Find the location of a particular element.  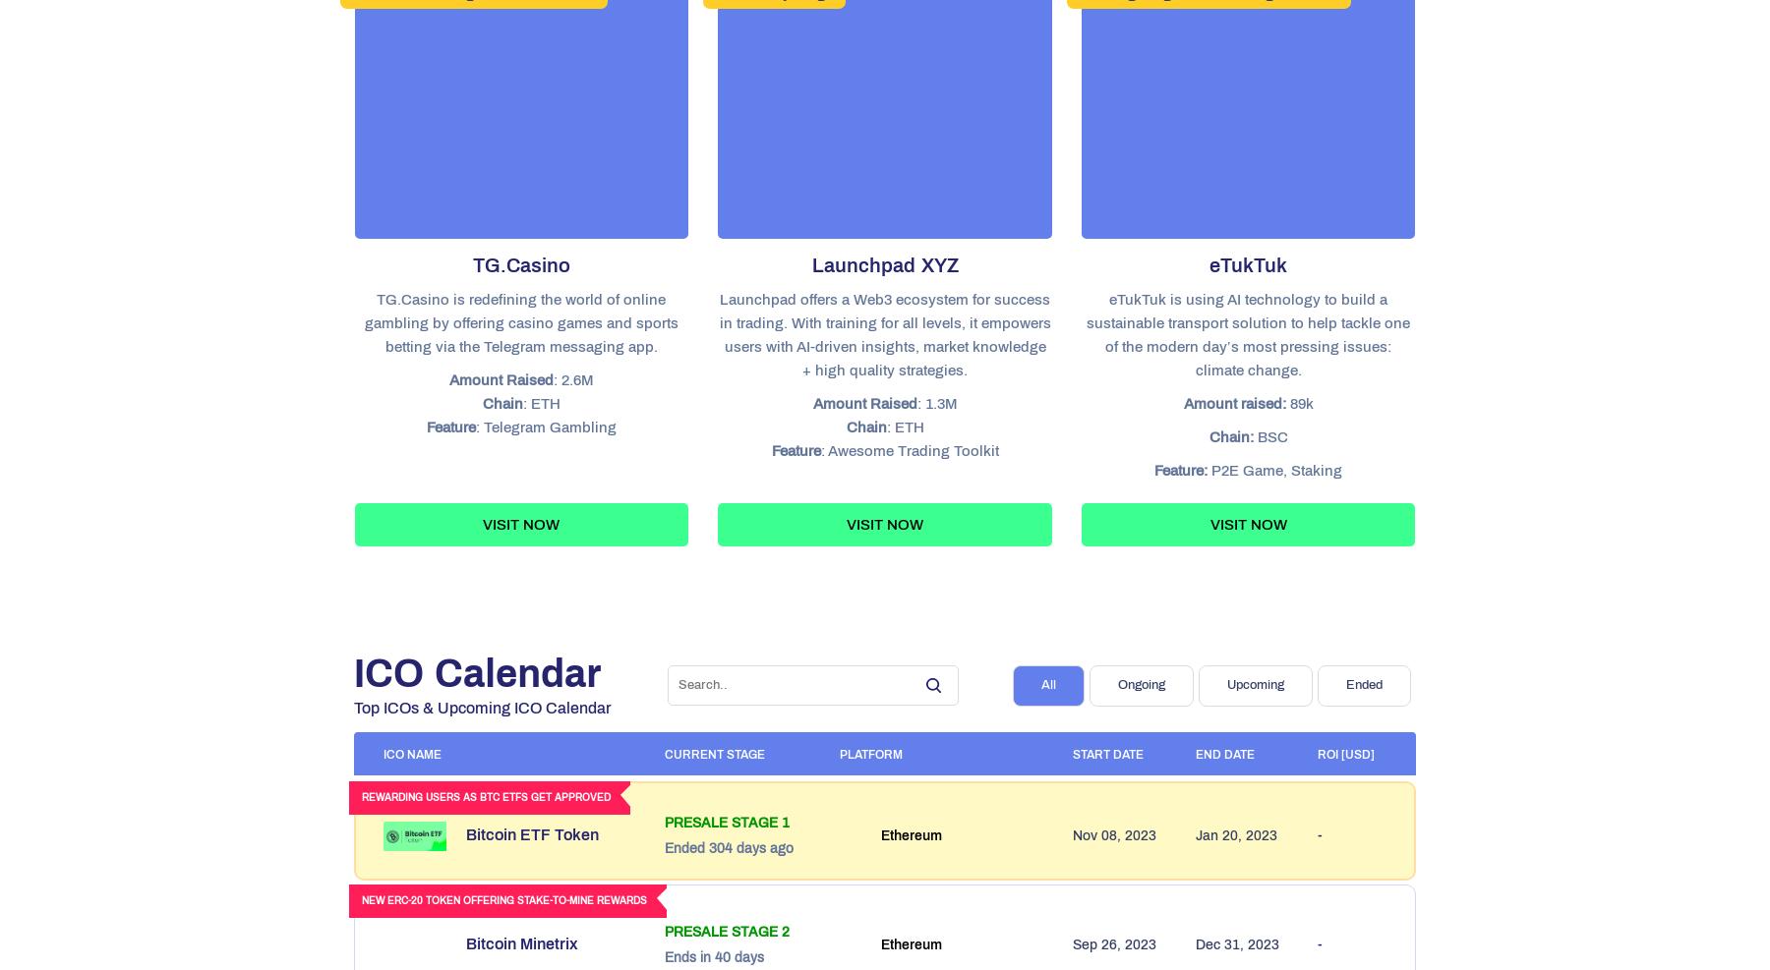

': Awesome Trading Toolkit' is located at coordinates (908, 449).